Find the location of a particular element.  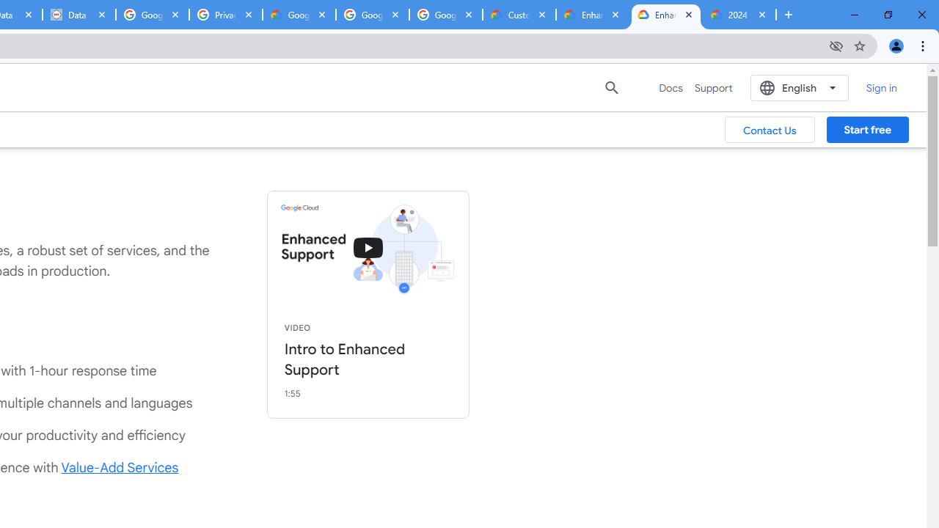

'Docs' is located at coordinates (671, 87).